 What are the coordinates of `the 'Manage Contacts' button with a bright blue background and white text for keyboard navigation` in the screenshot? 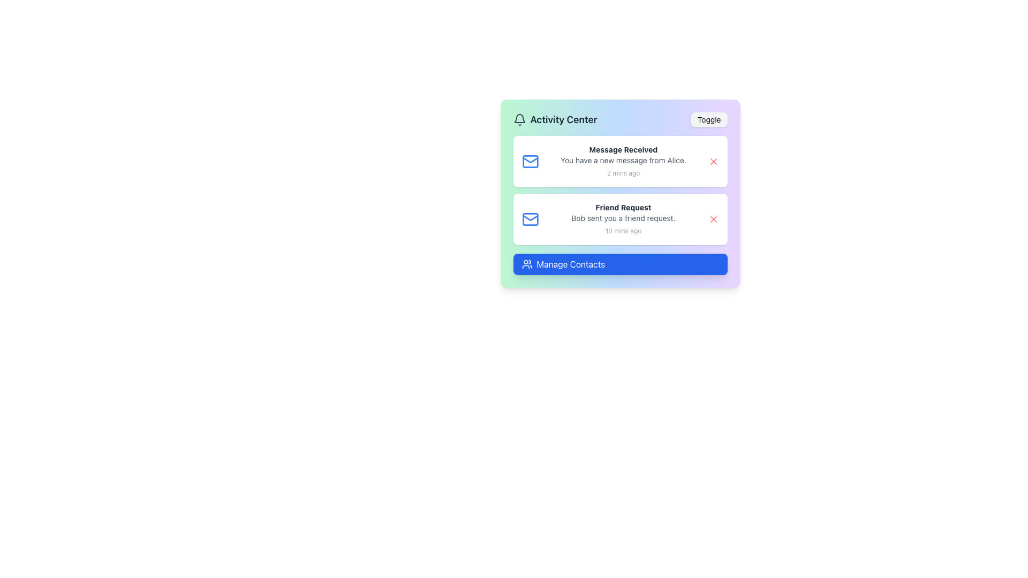 It's located at (620, 264).